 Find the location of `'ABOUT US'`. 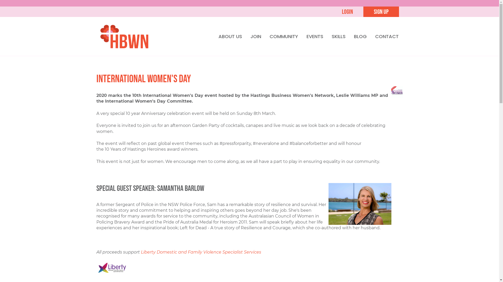

'ABOUT US' is located at coordinates (230, 36).